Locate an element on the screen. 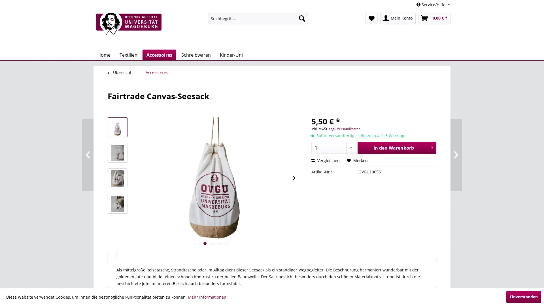 This screenshot has width=544, height=306. Vergleichen is located at coordinates (325, 160).